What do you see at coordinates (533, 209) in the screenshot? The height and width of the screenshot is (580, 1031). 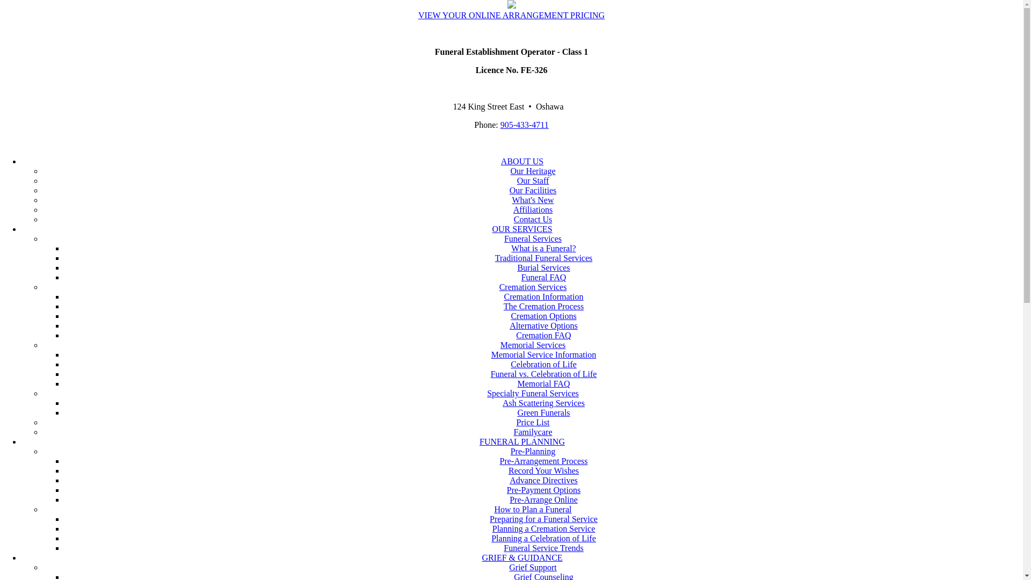 I see `'Affiliations'` at bounding box center [533, 209].